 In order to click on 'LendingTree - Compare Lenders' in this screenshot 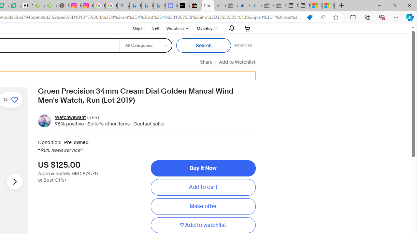, I will do `click(15, 6)`.